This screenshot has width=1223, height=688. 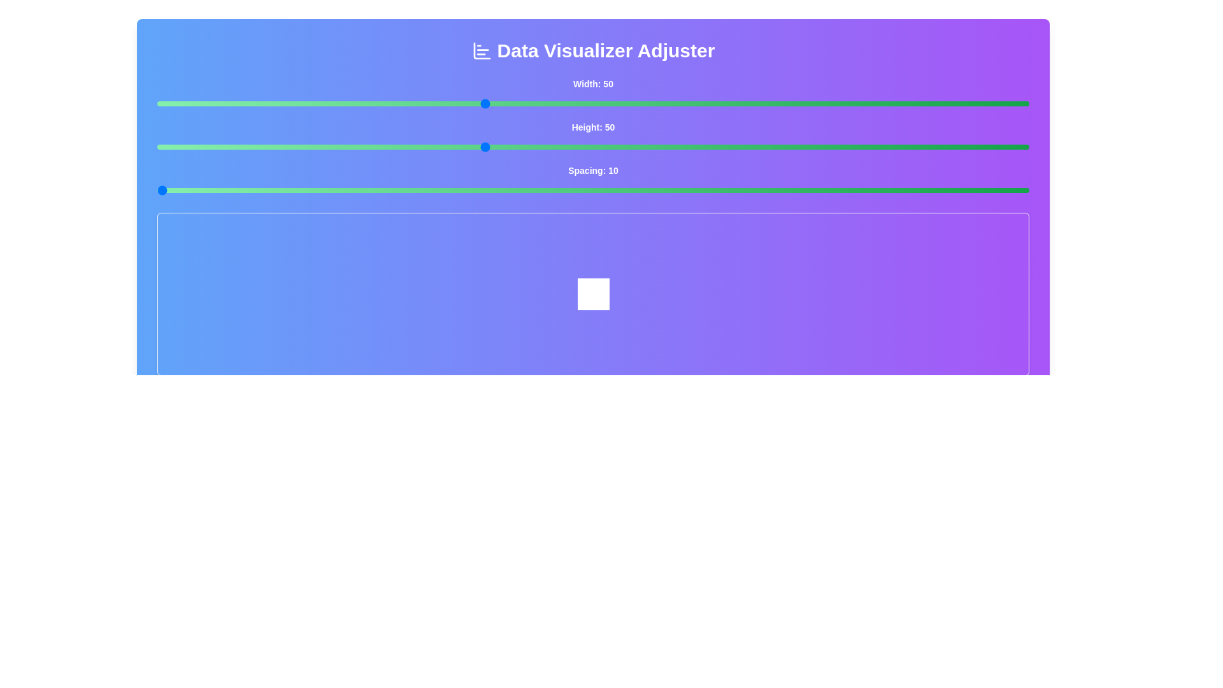 What do you see at coordinates (244, 103) in the screenshot?
I see `the 'Width' slider to 28` at bounding box center [244, 103].